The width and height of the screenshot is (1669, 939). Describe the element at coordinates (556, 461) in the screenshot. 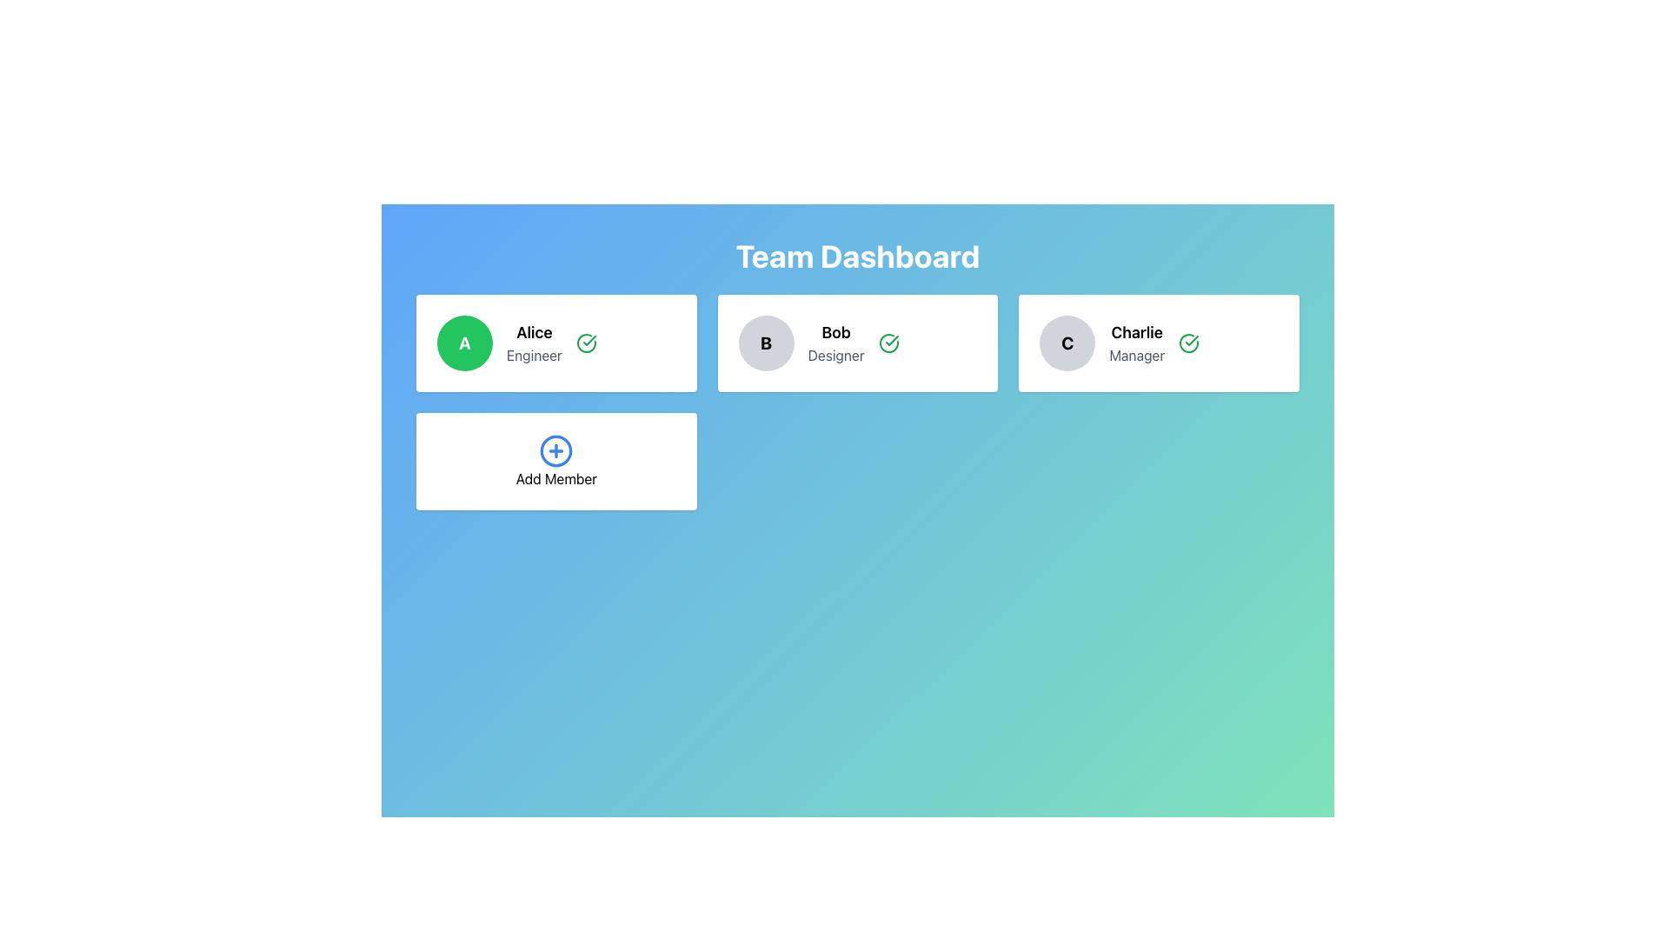

I see `the button located at the bottom left of the grid layout, directly below the card for 'Alice, Engineer'` at that location.